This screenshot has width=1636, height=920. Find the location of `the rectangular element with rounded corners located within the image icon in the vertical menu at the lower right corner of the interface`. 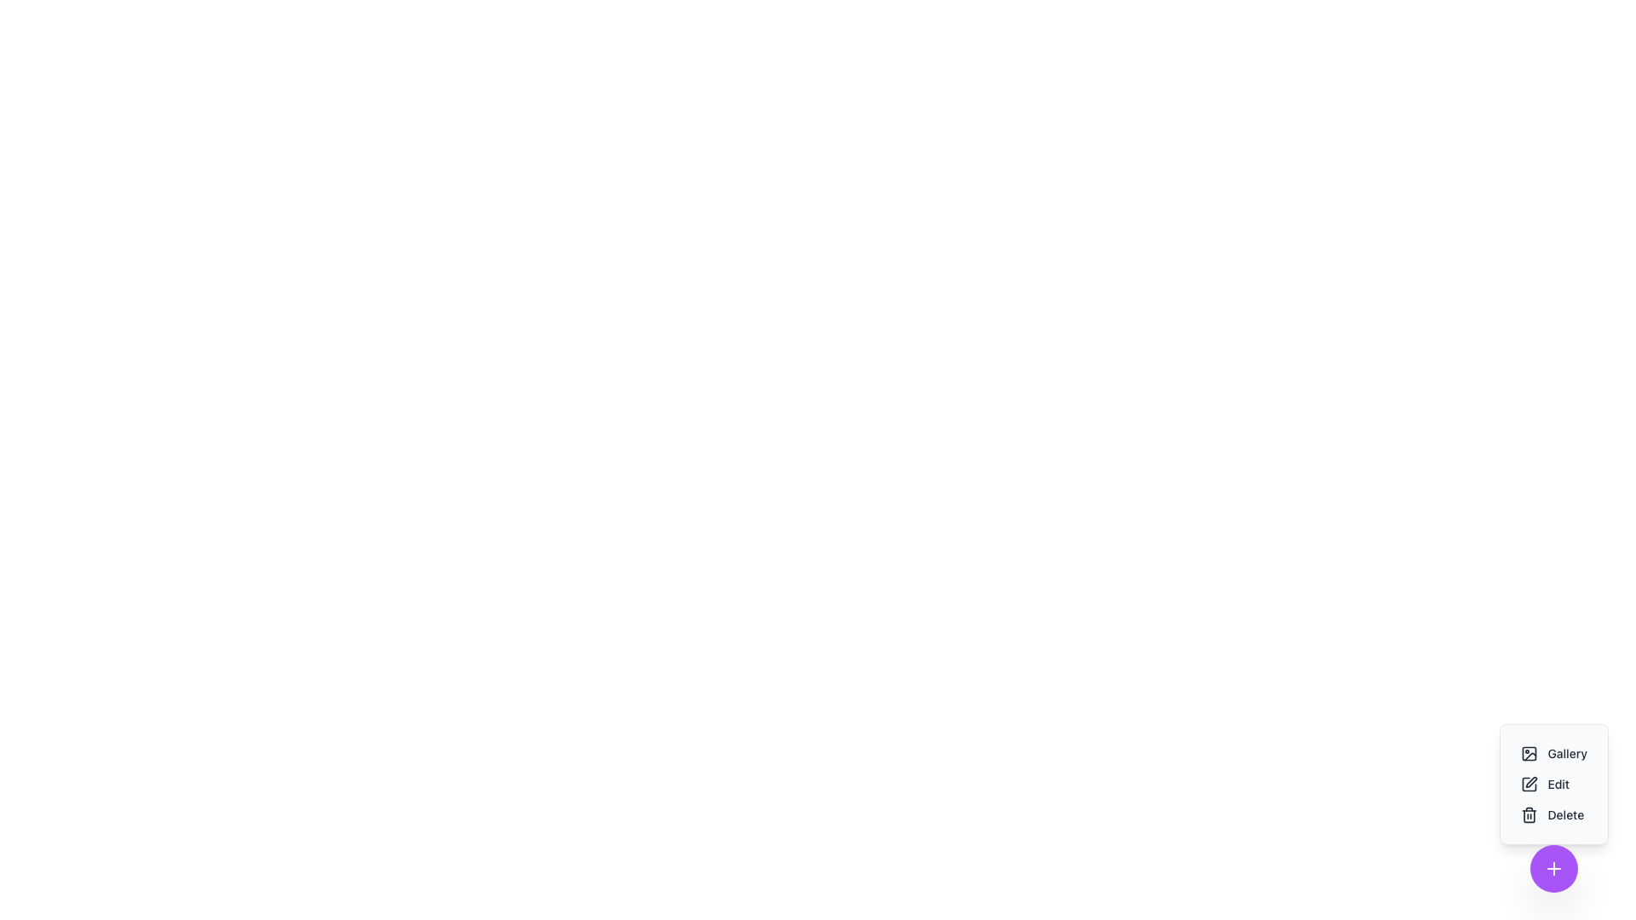

the rectangular element with rounded corners located within the image icon in the vertical menu at the lower right corner of the interface is located at coordinates (1529, 752).